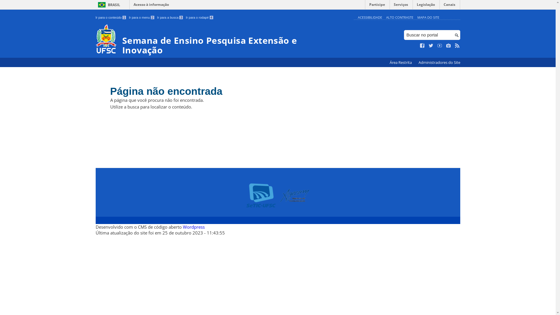  Describe the element at coordinates (377, 6) in the screenshot. I see `'Participe'` at that location.